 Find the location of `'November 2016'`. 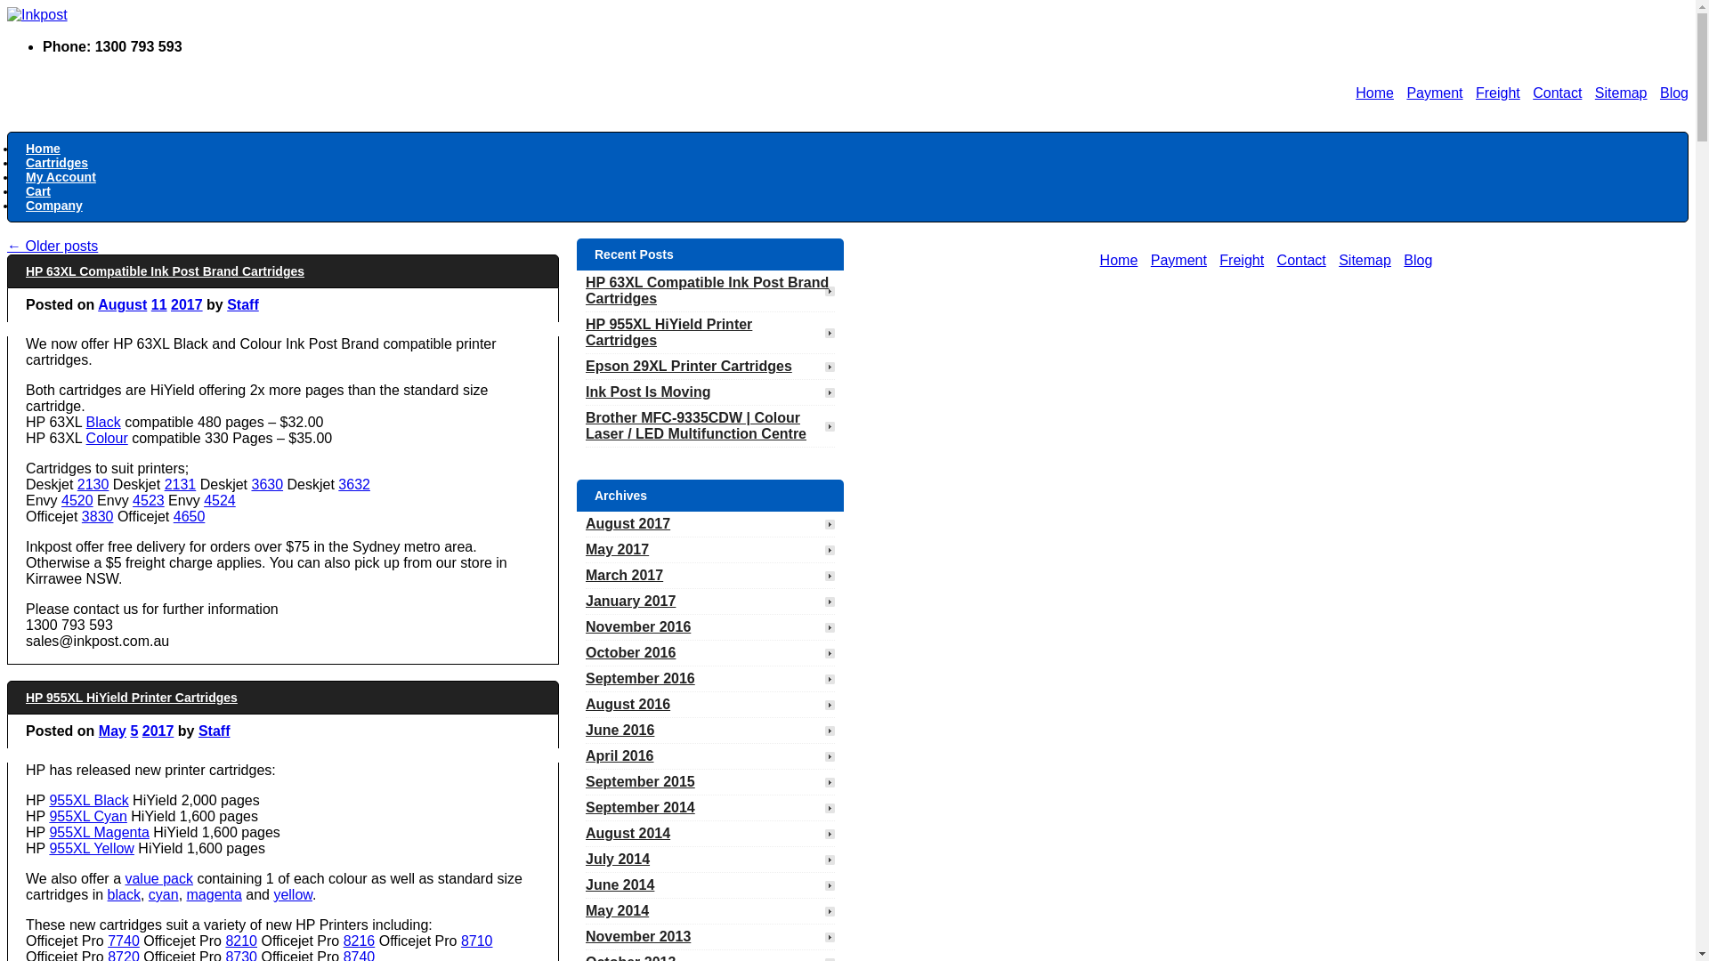

'November 2016' is located at coordinates (645, 626).